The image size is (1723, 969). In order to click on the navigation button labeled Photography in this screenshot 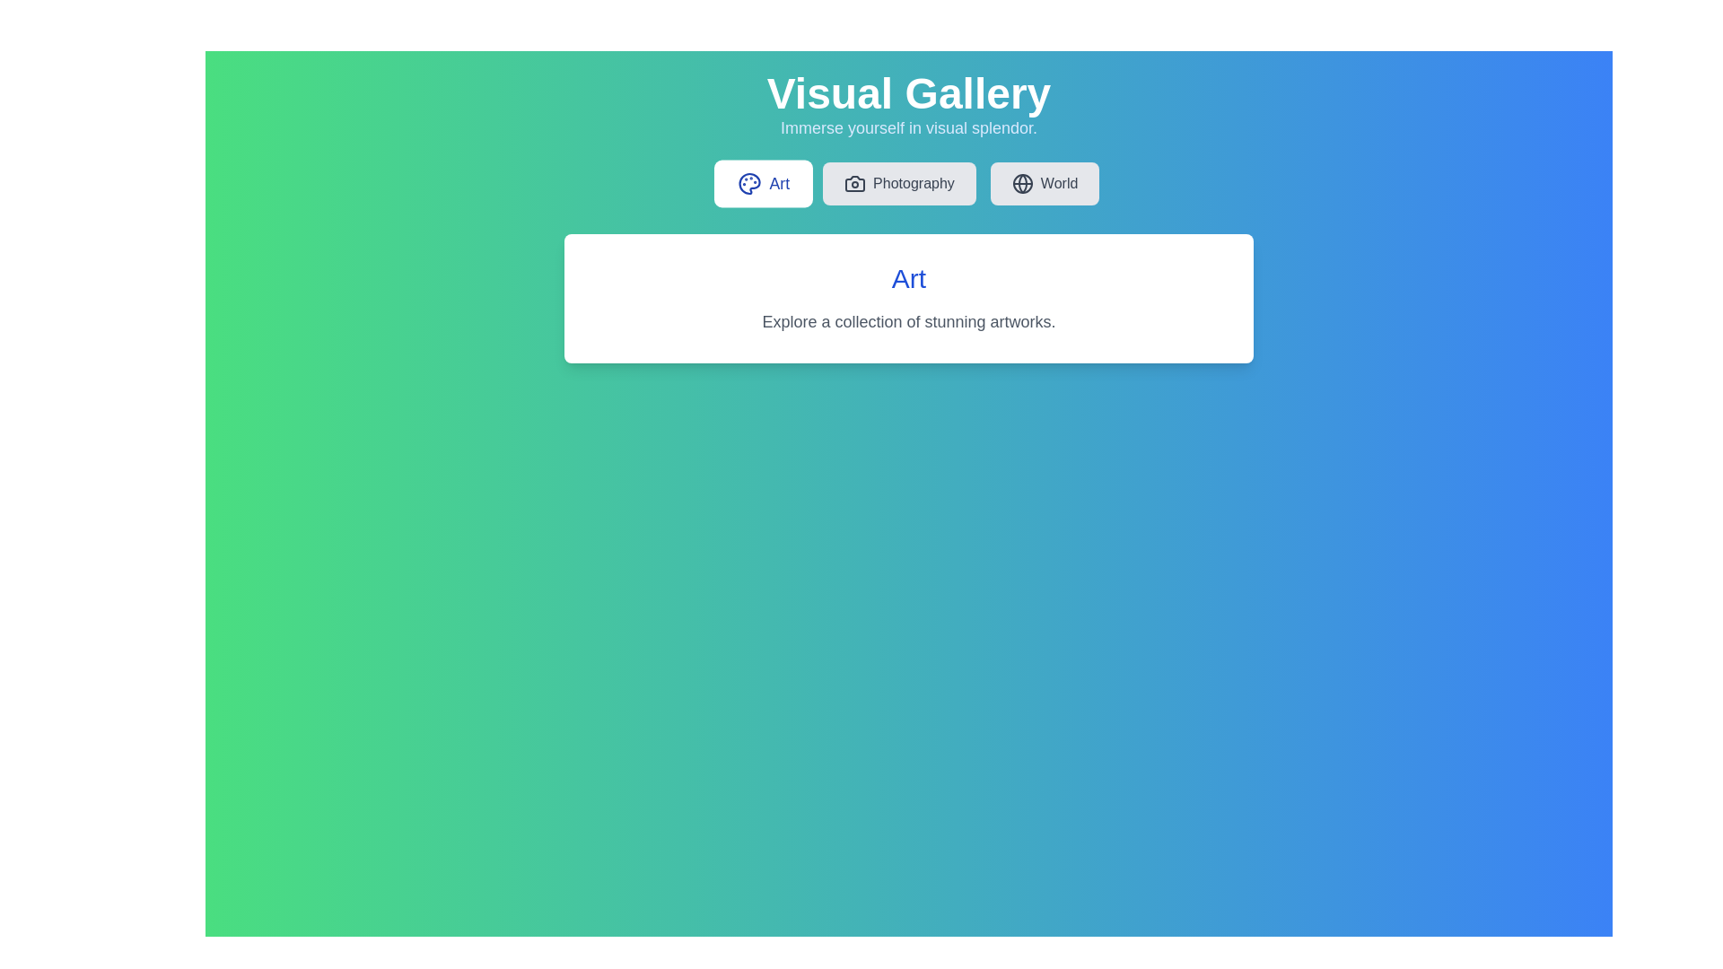, I will do `click(899, 183)`.